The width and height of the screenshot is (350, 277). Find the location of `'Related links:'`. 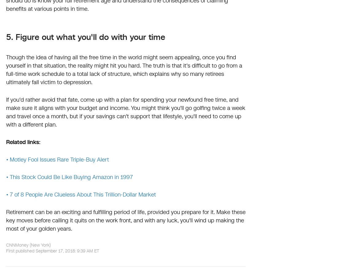

'Related links:' is located at coordinates (6, 142).